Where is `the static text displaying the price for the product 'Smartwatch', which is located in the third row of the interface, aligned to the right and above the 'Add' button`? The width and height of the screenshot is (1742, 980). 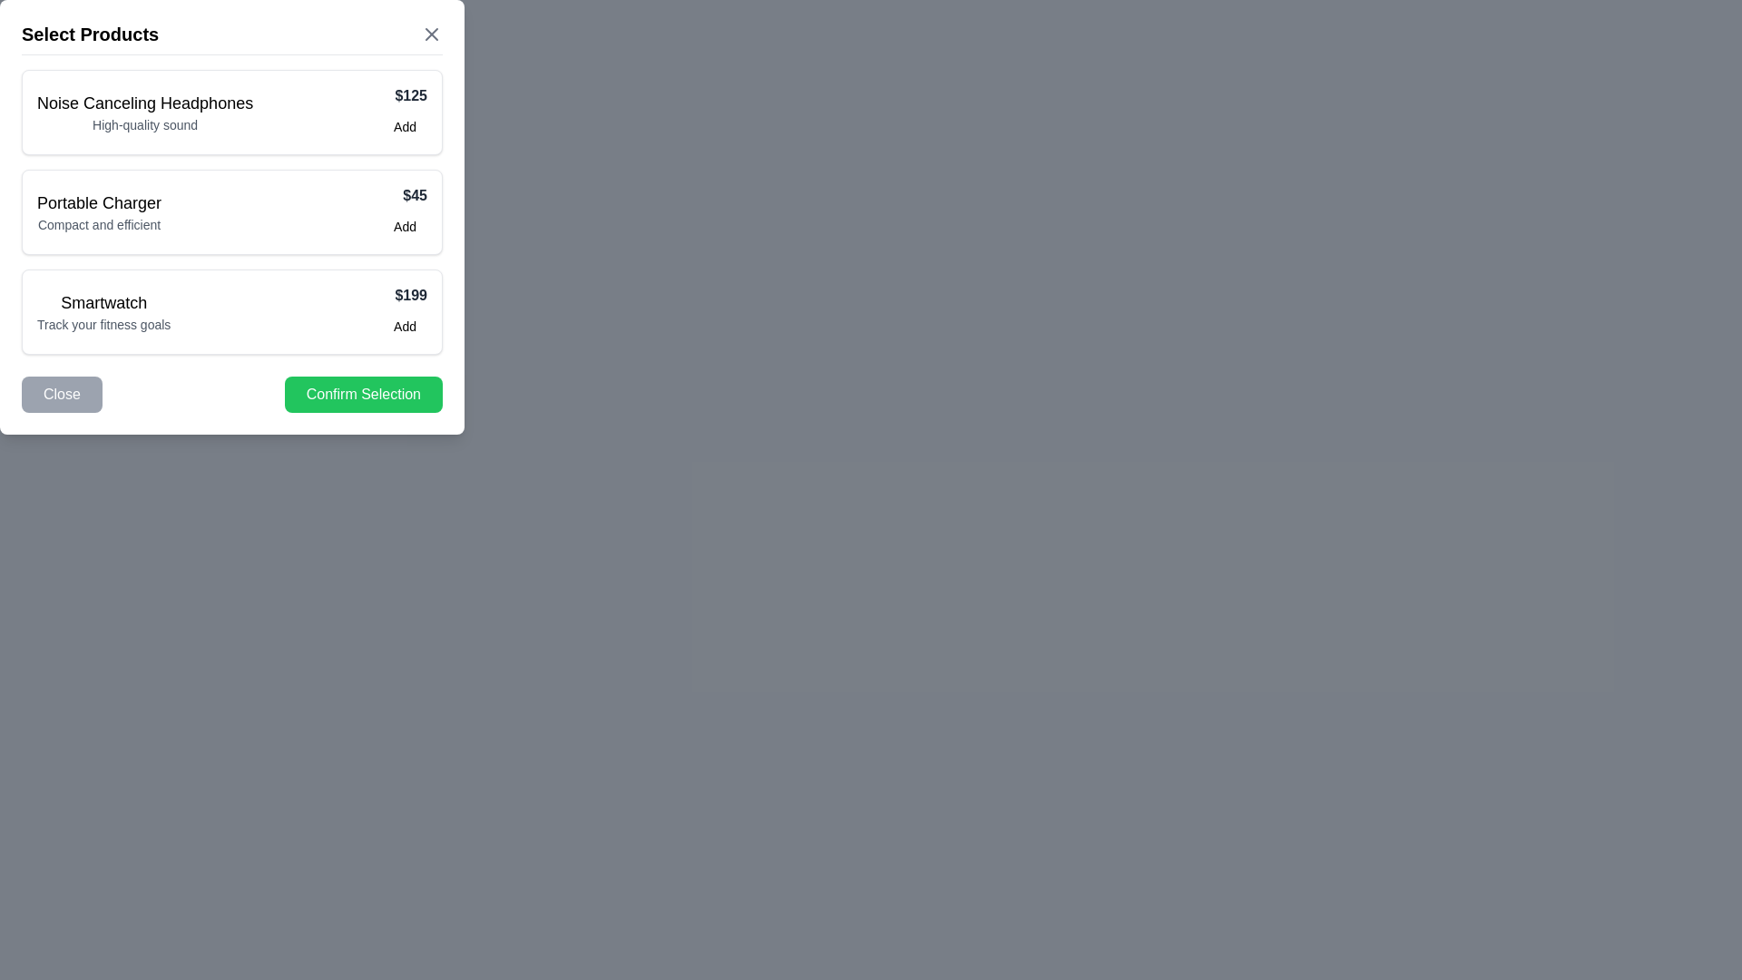 the static text displaying the price for the product 'Smartwatch', which is located in the third row of the interface, aligned to the right and above the 'Add' button is located at coordinates (404, 295).